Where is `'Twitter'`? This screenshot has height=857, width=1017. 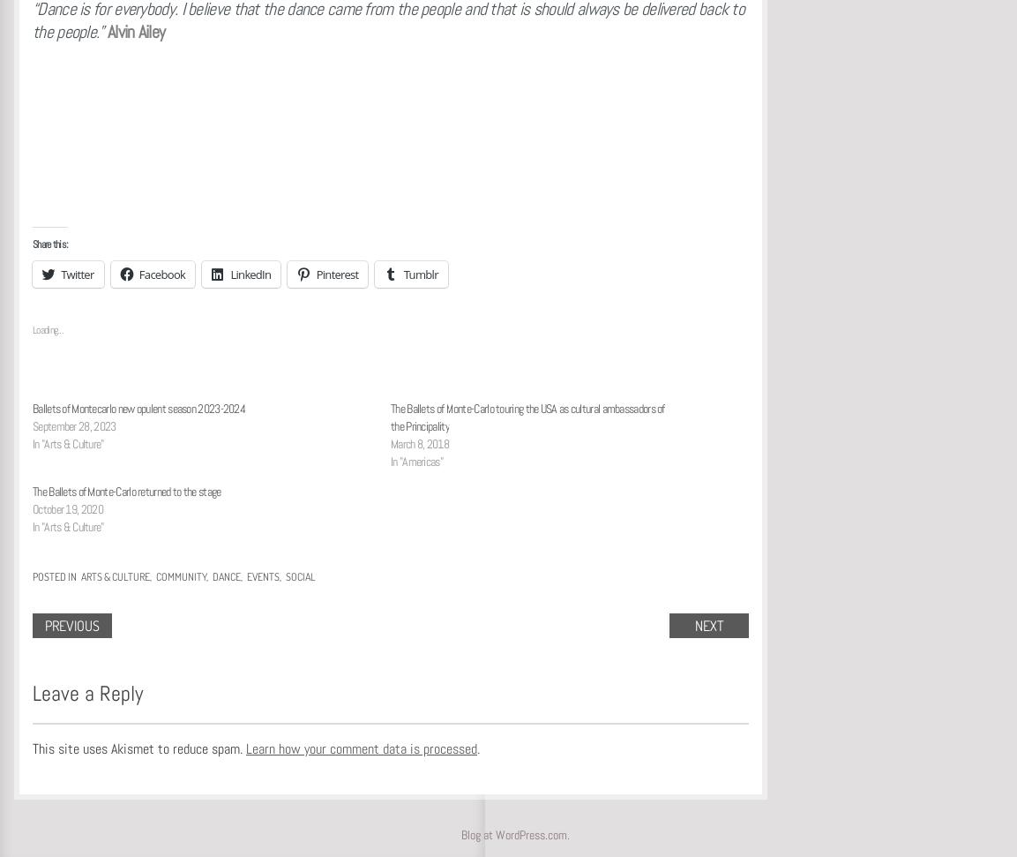 'Twitter' is located at coordinates (76, 274).